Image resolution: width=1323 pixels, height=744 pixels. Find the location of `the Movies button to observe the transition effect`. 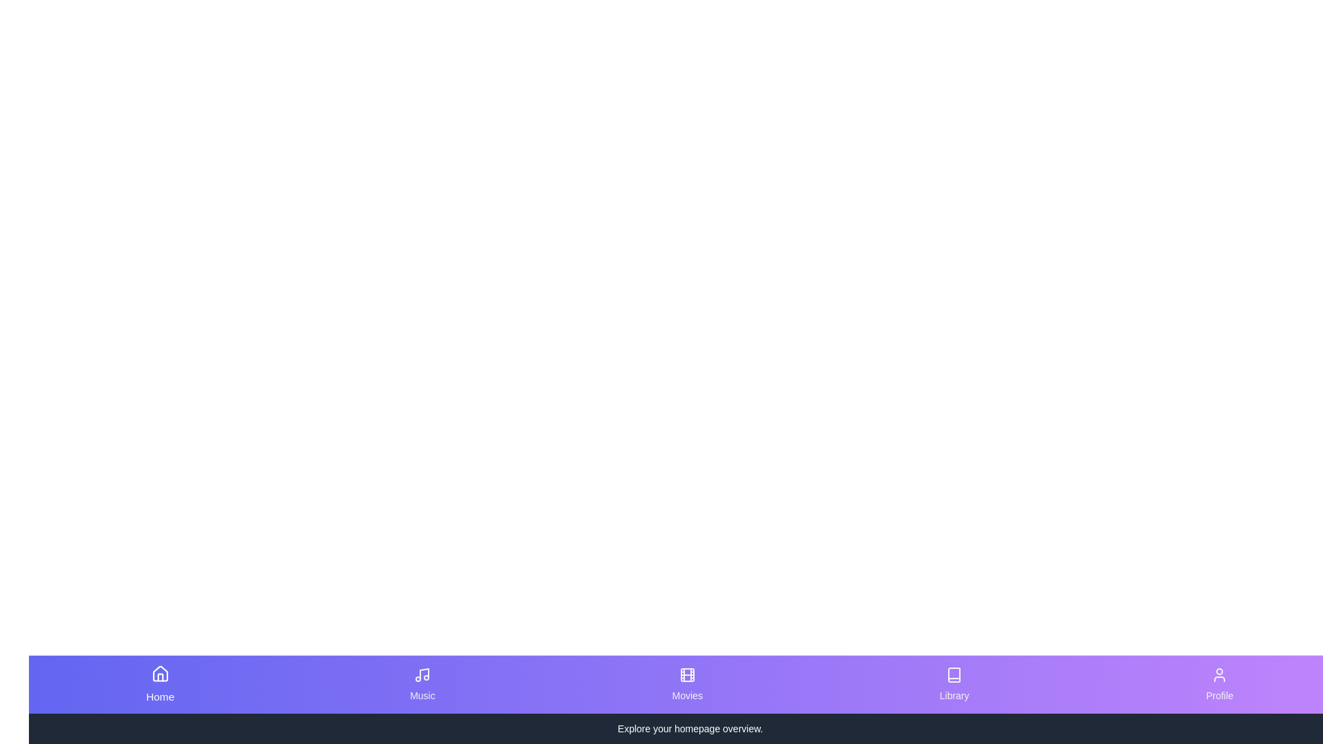

the Movies button to observe the transition effect is located at coordinates (687, 685).